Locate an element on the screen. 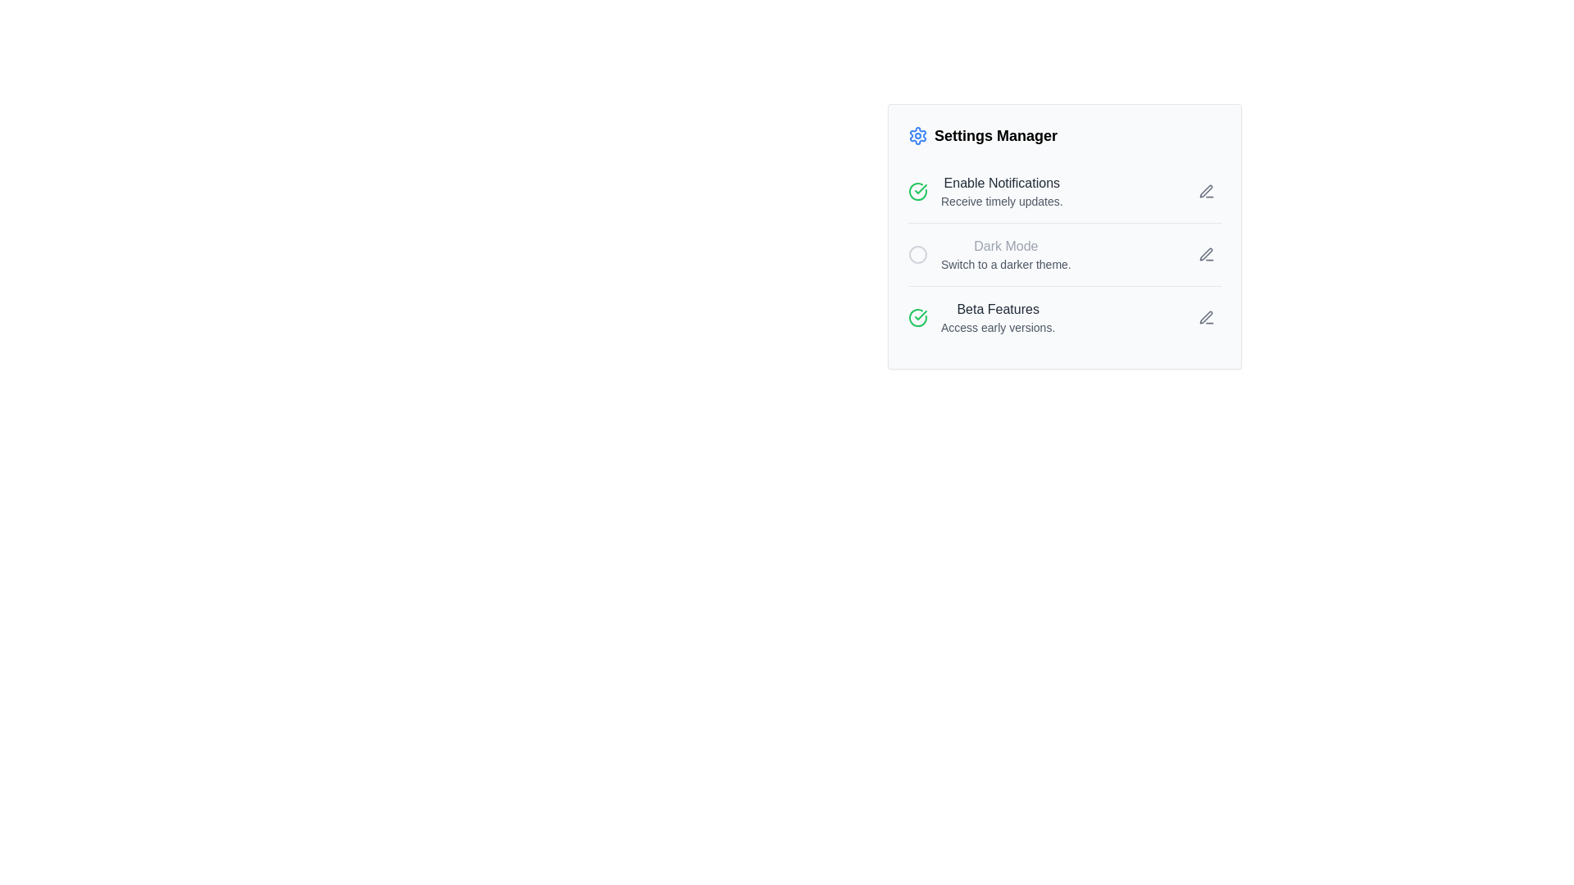 This screenshot has height=885, width=1574. the 'Dark Mode' text label, which is styled with a medium font weight and gray color, serving as the title of the second segment in a vertical list of settings options is located at coordinates (1005, 246).